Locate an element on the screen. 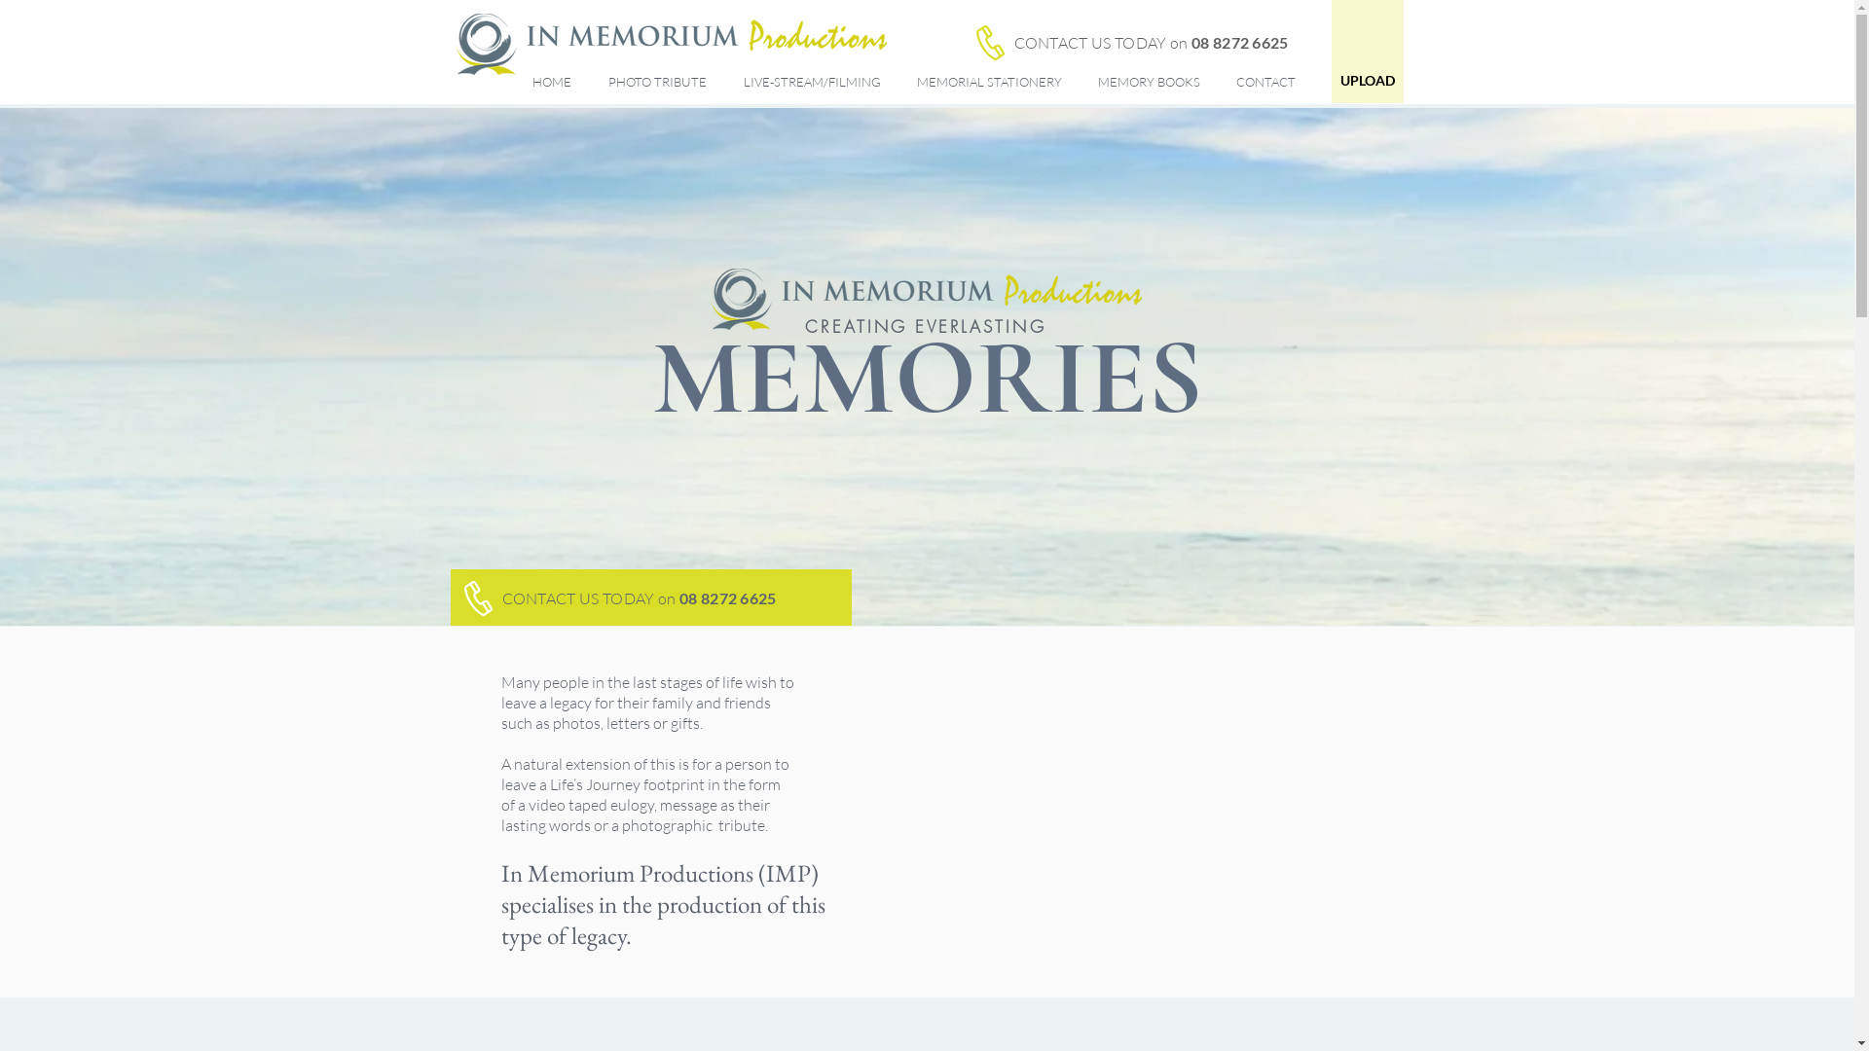  'MEMORIAL STATIONERY' is located at coordinates (991, 81).